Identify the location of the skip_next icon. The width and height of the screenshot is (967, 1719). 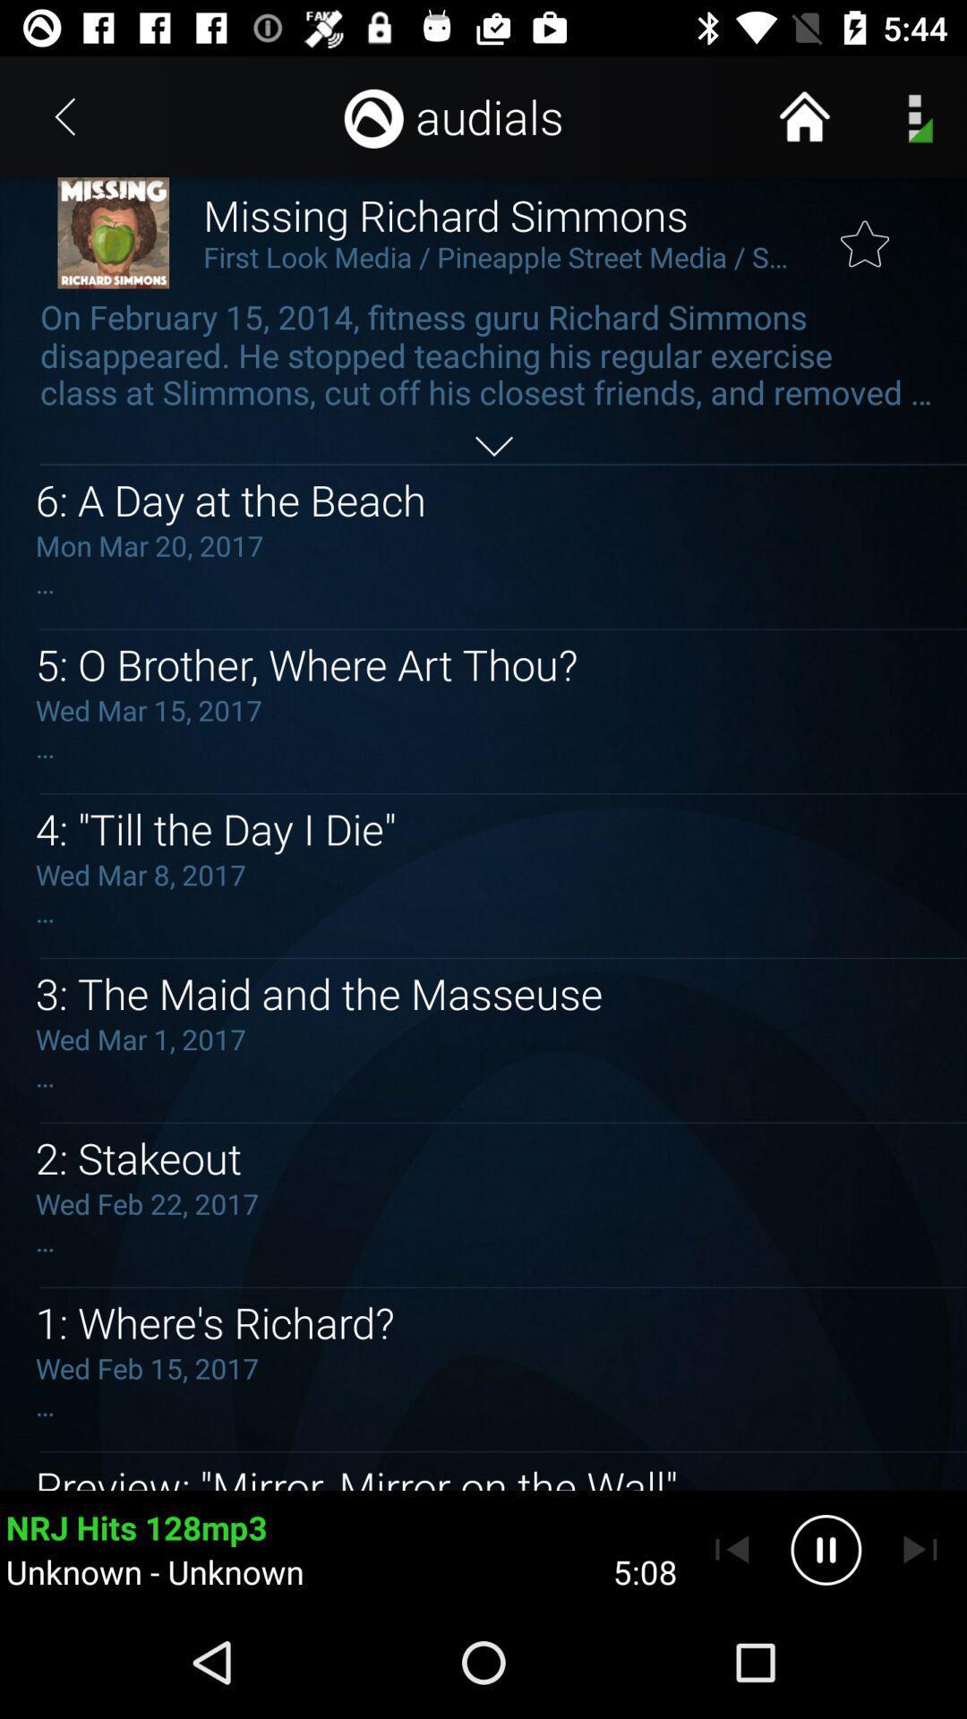
(920, 1549).